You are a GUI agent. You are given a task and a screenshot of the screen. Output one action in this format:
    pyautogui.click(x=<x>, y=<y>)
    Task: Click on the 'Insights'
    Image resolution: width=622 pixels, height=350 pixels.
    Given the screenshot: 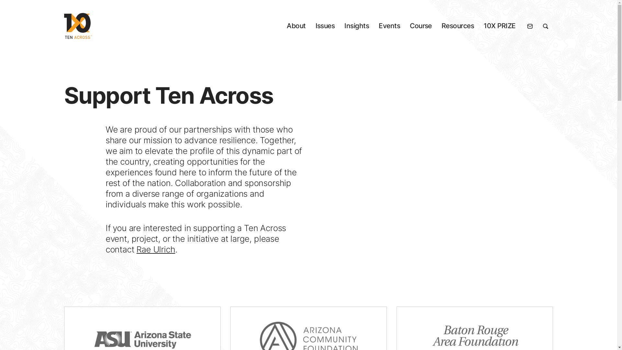 What is the action you would take?
    pyautogui.click(x=356, y=26)
    